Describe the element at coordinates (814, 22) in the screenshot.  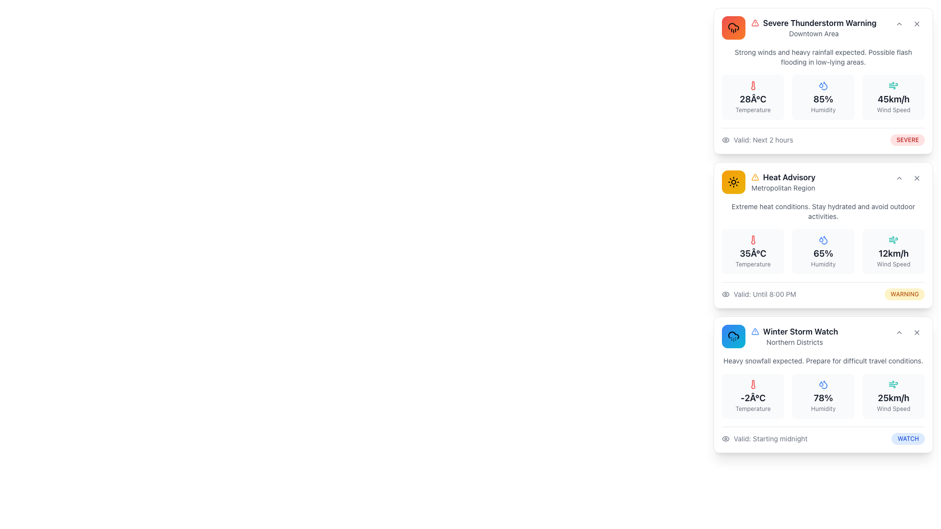
I see `the Heading element that serves as a title for the weather alert information, positioned at the top of the first card and aligned to the left, above the text 'Downtown Area'` at that location.